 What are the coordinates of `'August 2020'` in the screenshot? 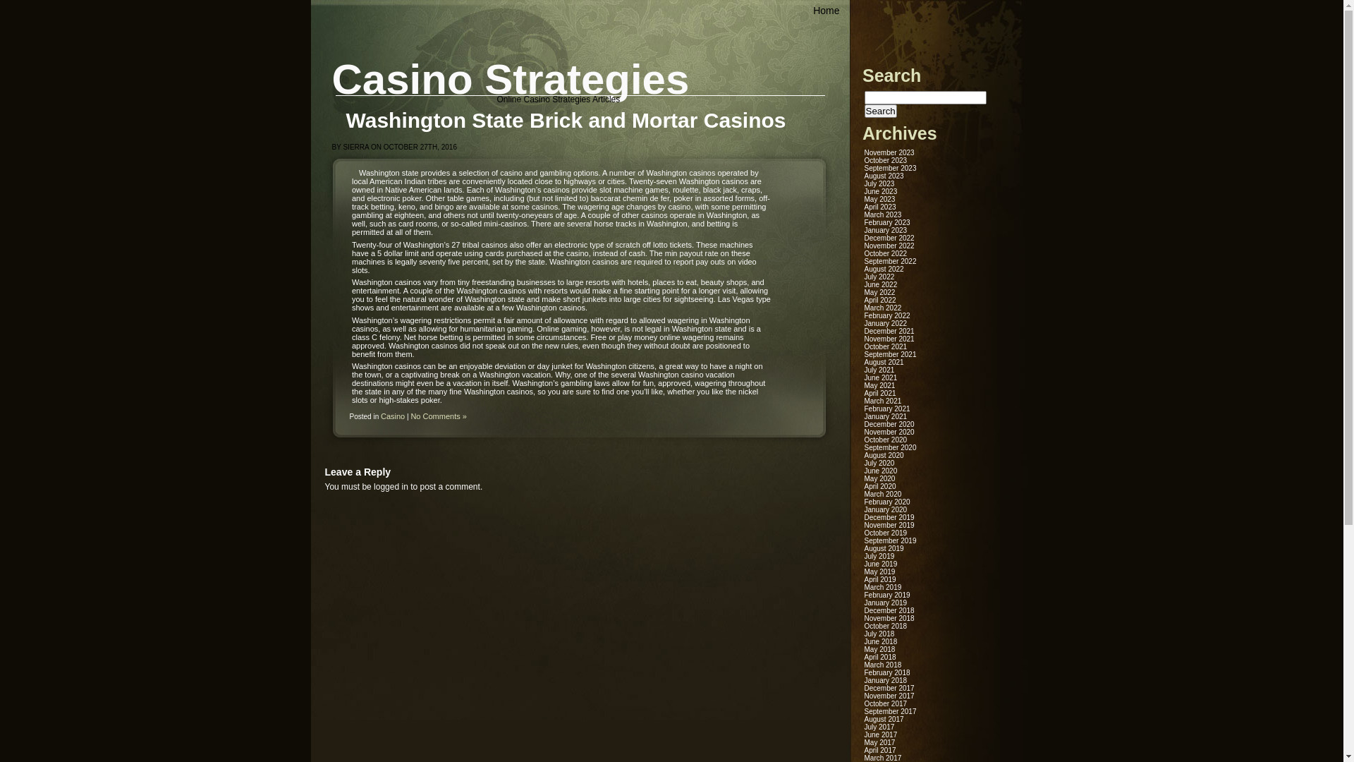 It's located at (883, 455).